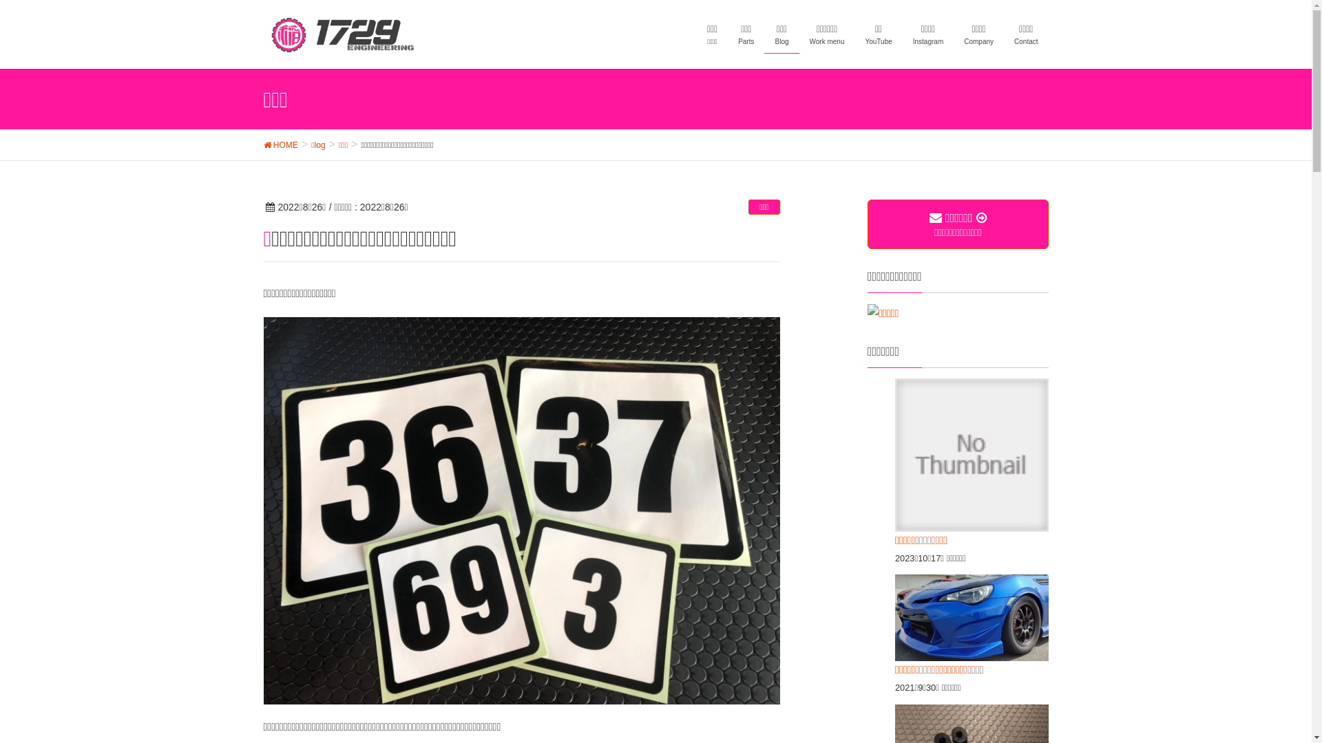 Image resolution: width=1322 pixels, height=743 pixels. I want to click on 'HOME', so click(280, 144).